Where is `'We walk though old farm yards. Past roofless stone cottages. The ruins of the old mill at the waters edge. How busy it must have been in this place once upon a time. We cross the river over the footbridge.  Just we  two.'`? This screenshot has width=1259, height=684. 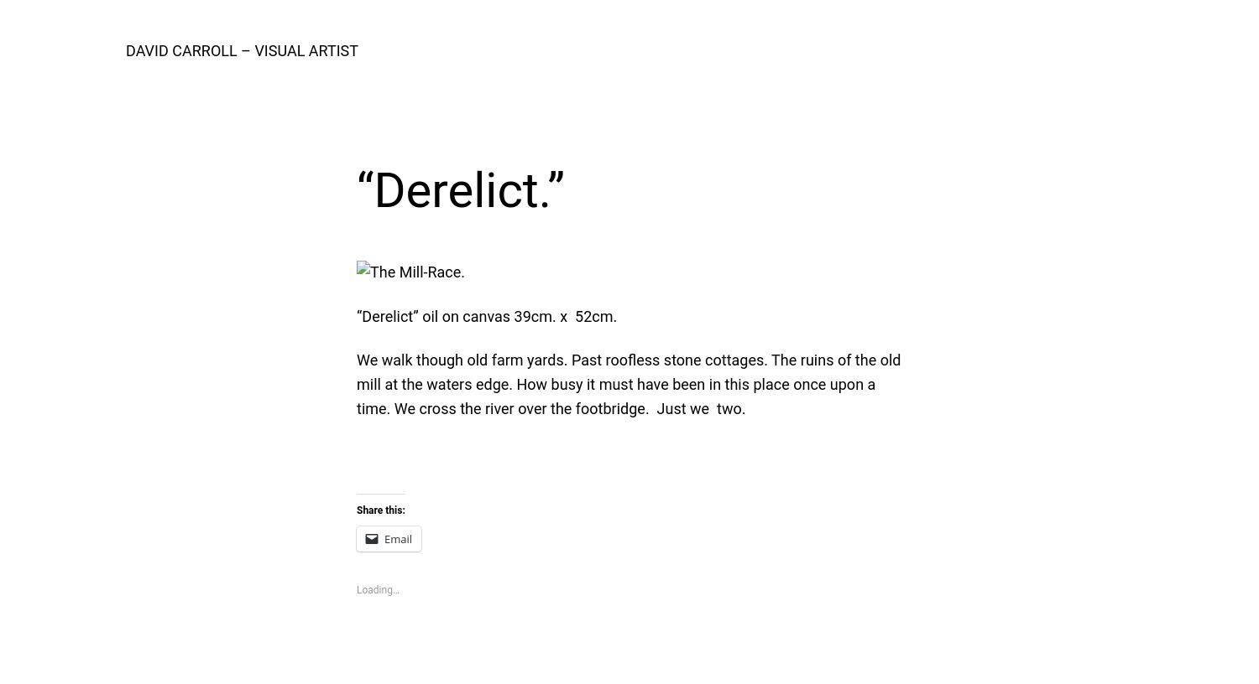
'We walk though old farm yards. Past roofless stone cottages. The ruins of the old mill at the waters edge. How busy it must have been in this place once upon a time. We cross the river over the footbridge.  Just we  two.' is located at coordinates (627, 383).